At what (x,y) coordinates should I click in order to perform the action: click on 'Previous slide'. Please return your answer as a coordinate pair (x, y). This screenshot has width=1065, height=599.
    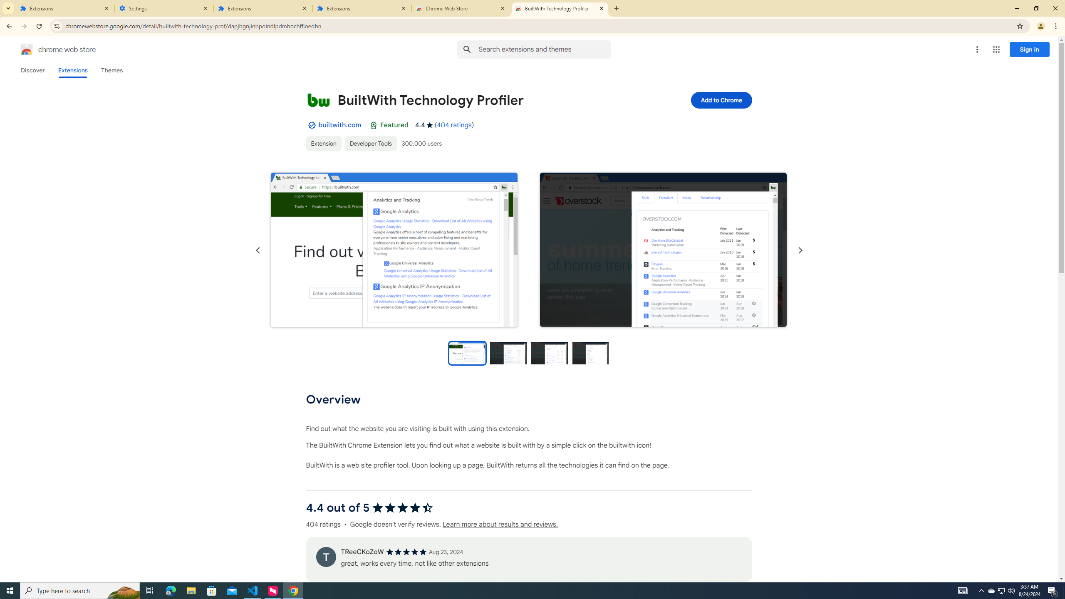
    Looking at the image, I should click on (258, 250).